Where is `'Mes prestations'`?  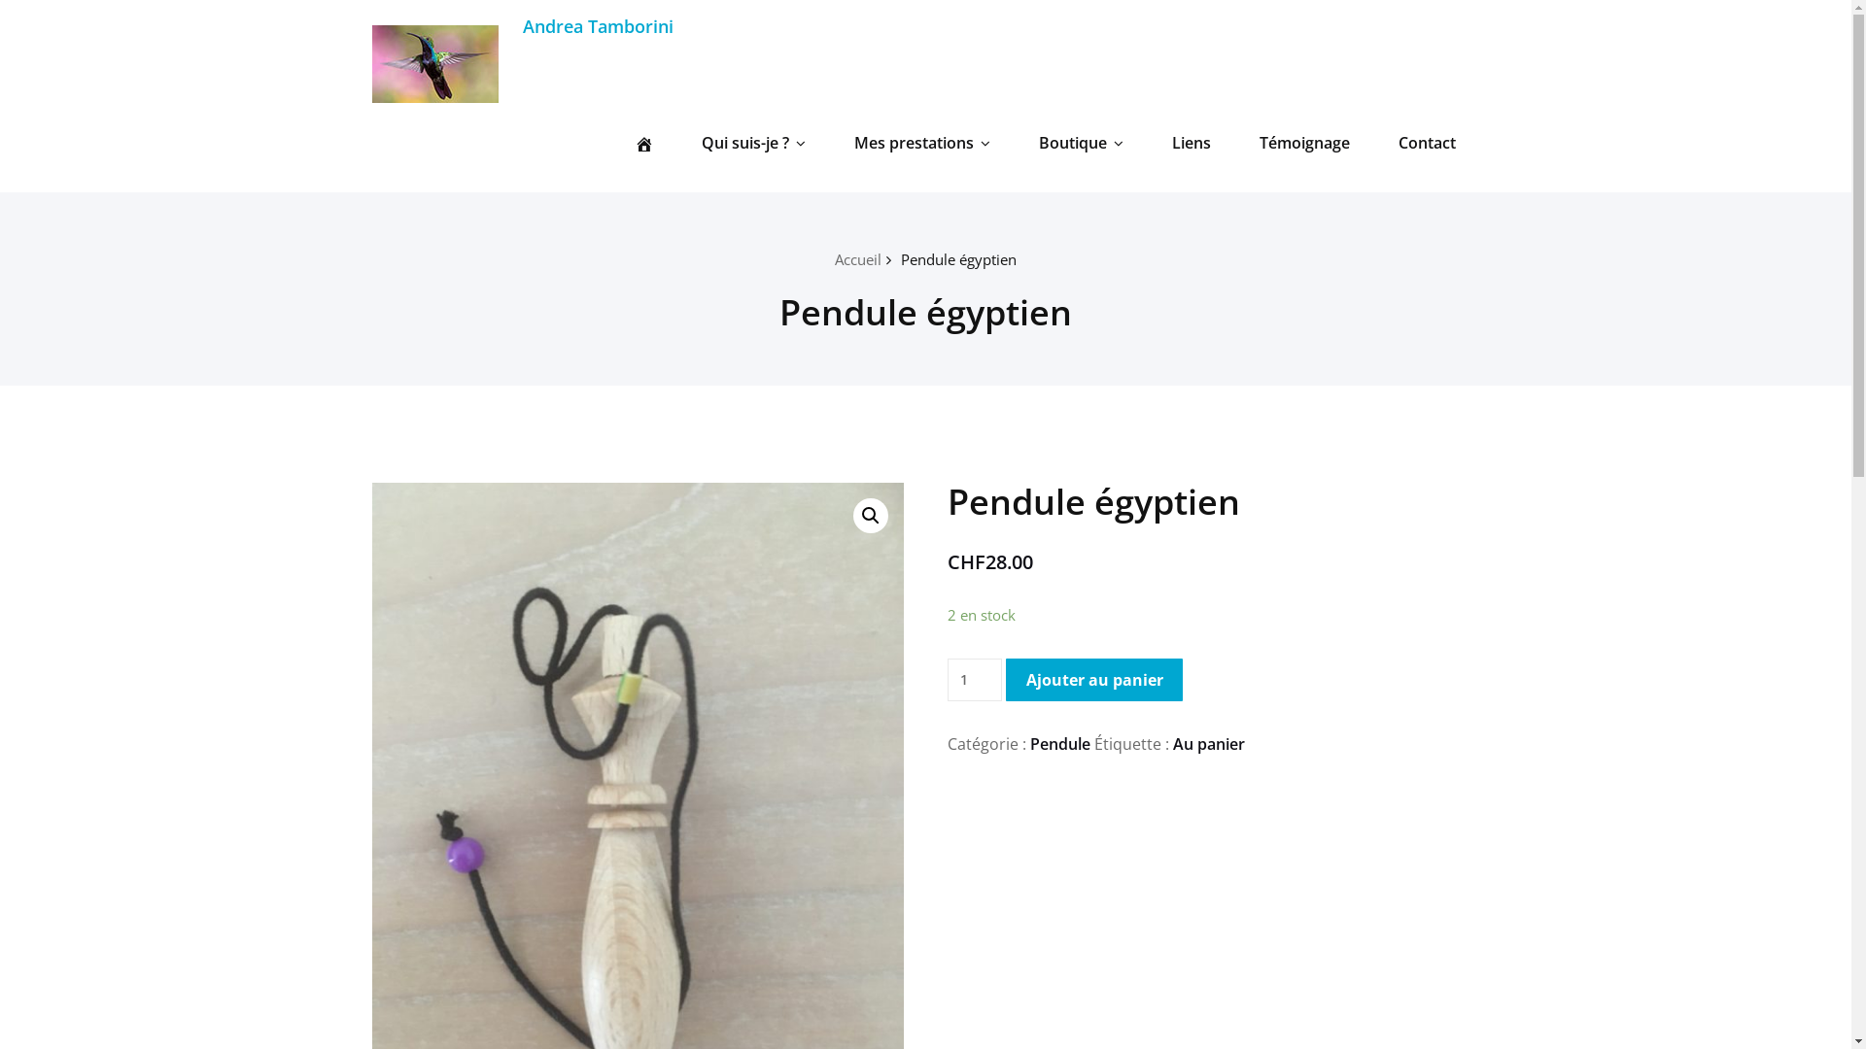
'Mes prestations' is located at coordinates (921, 141).